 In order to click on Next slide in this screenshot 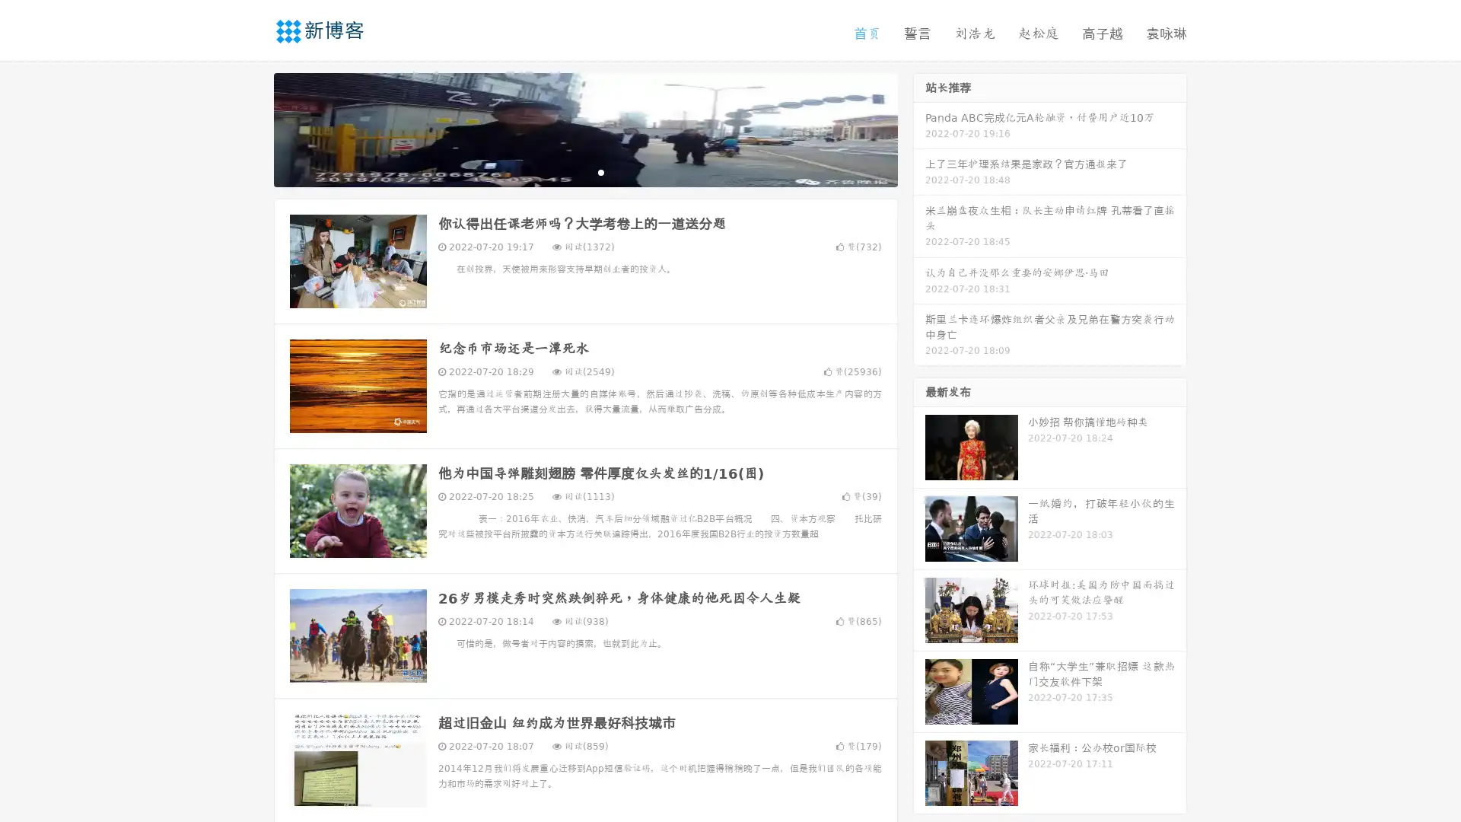, I will do `click(919, 128)`.